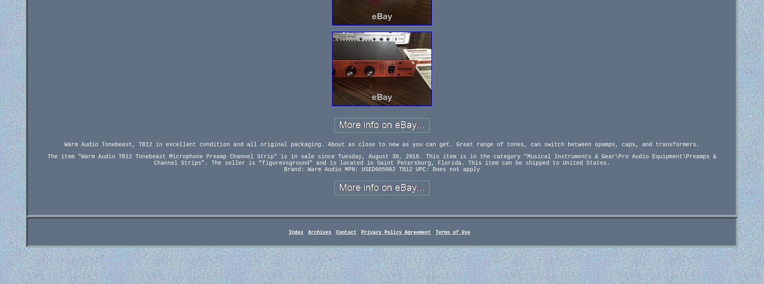 This screenshot has height=284, width=764. What do you see at coordinates (378, 169) in the screenshot?
I see `'MPN: USED005002 TB12'` at bounding box center [378, 169].